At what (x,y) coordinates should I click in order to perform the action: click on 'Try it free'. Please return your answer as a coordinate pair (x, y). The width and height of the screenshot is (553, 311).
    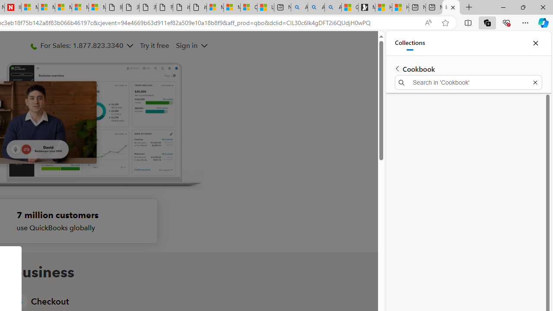
    Looking at the image, I should click on (154, 45).